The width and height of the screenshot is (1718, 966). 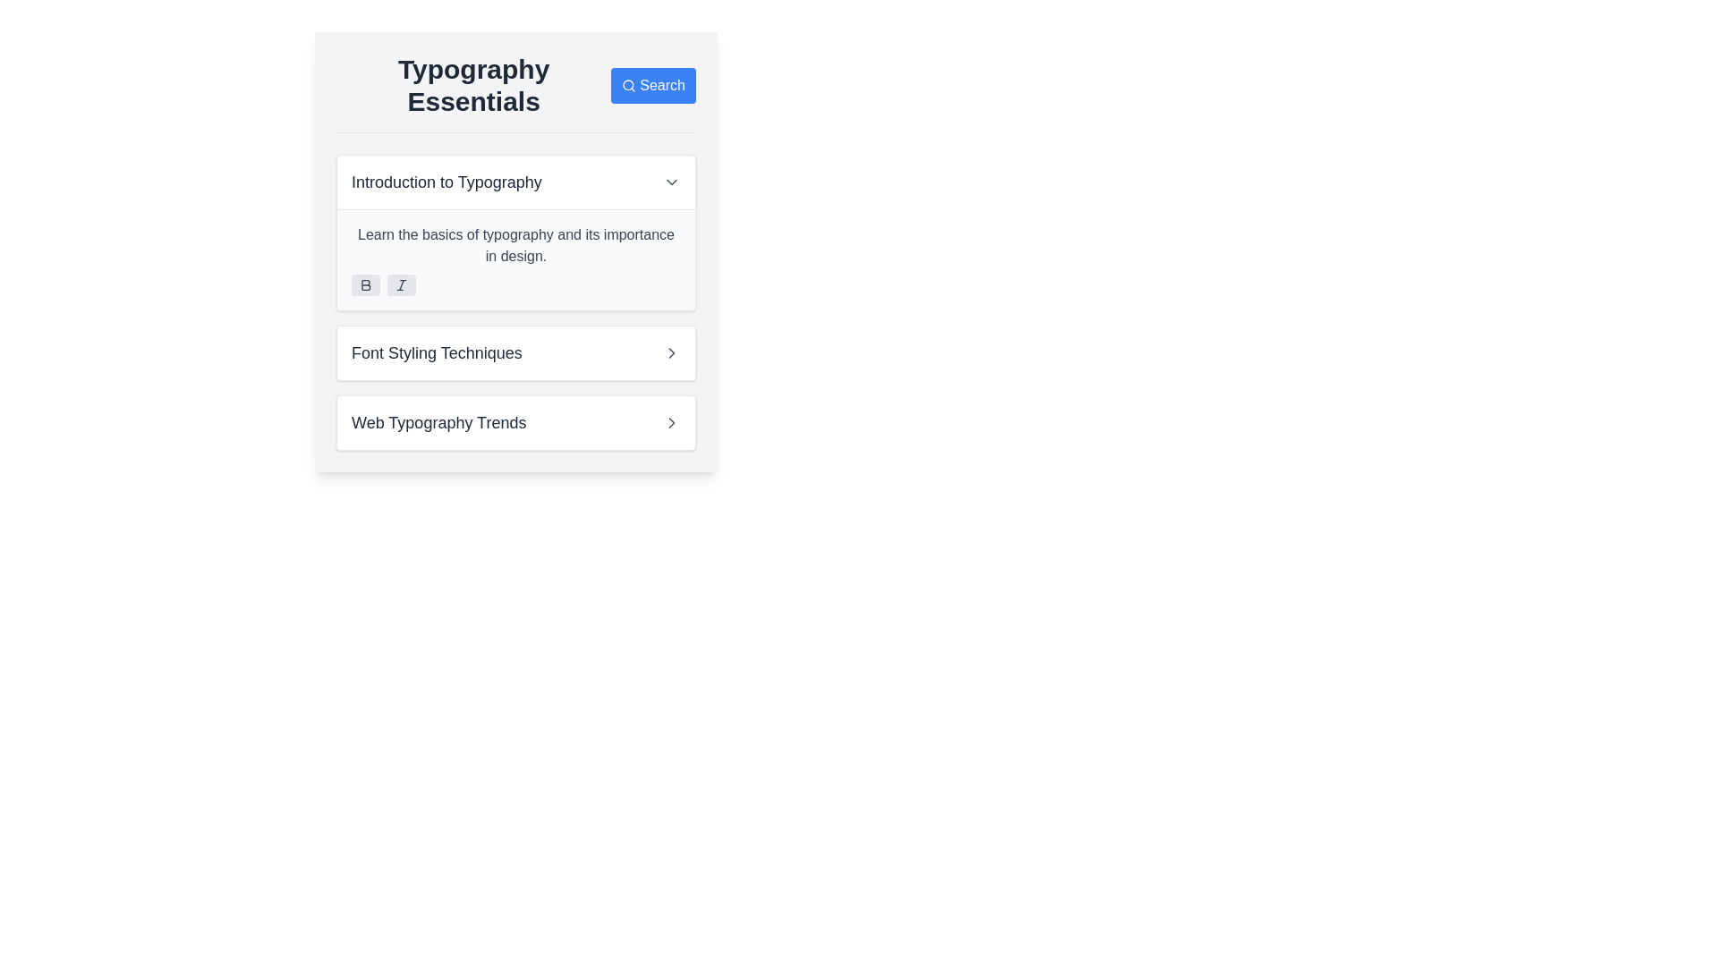 I want to click on the text label indicating 'Font Styling Techniques', which is positioned under 'Introduction to Typography' and above 'Web Typography Trends', so click(x=437, y=352).